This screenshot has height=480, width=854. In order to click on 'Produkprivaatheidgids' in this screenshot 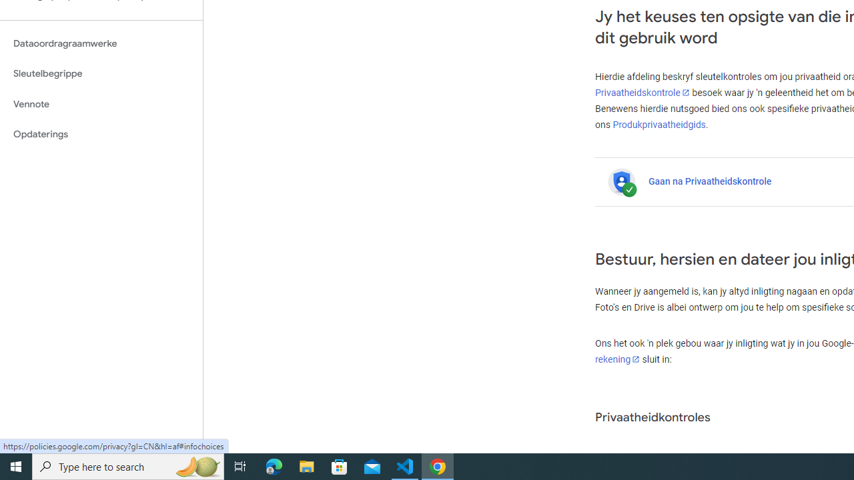, I will do `click(659, 124)`.